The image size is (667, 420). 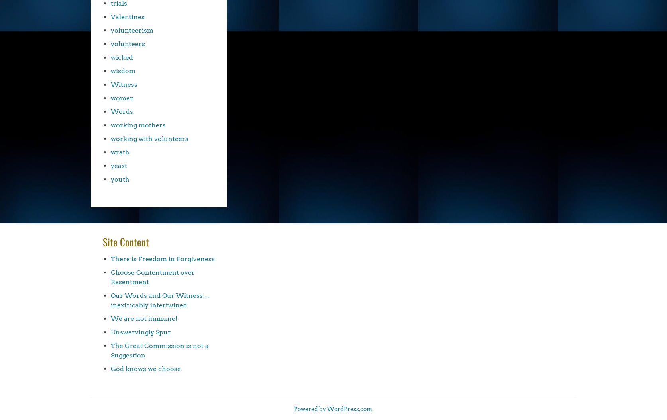 I want to click on 'wicked', so click(x=122, y=57).